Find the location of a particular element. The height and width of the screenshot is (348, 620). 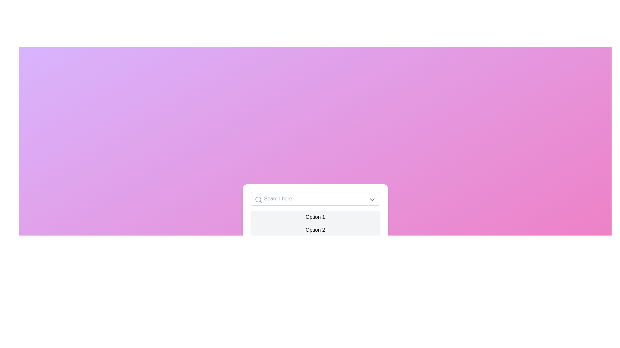

the second selectable option is located at coordinates (315, 229).